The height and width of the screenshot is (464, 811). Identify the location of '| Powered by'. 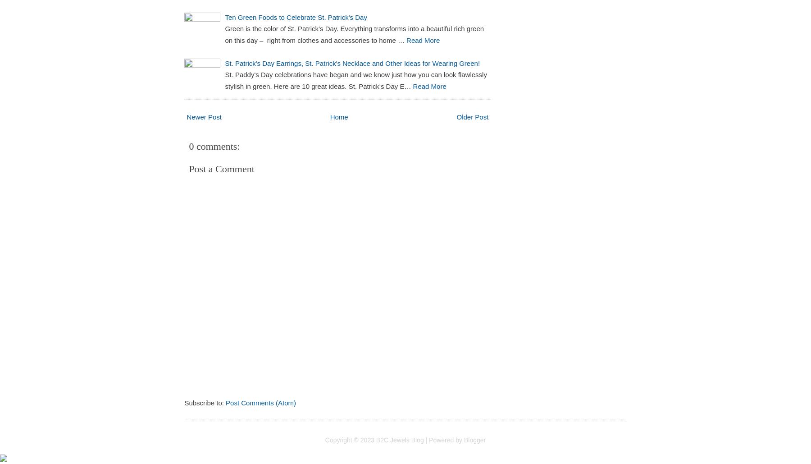
(443, 439).